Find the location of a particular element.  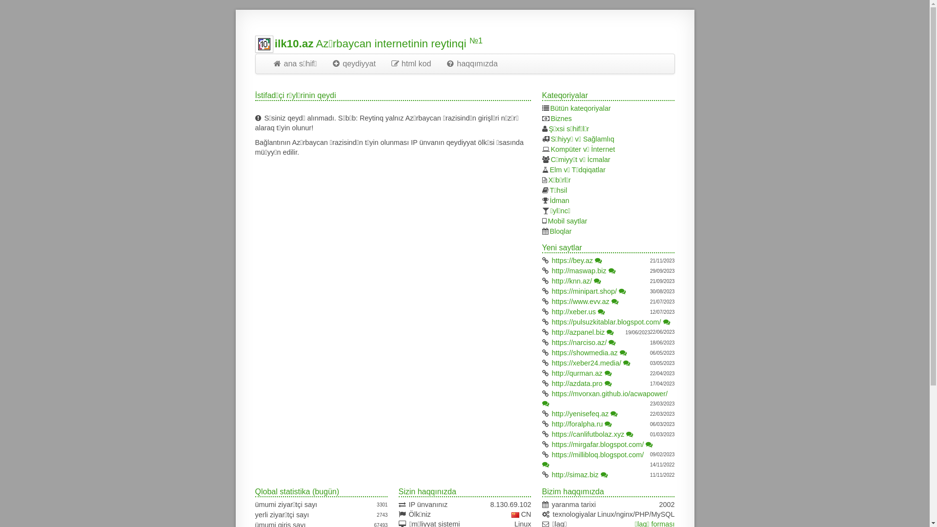

'https://mirgafar.blogspot.com/' is located at coordinates (597, 444).